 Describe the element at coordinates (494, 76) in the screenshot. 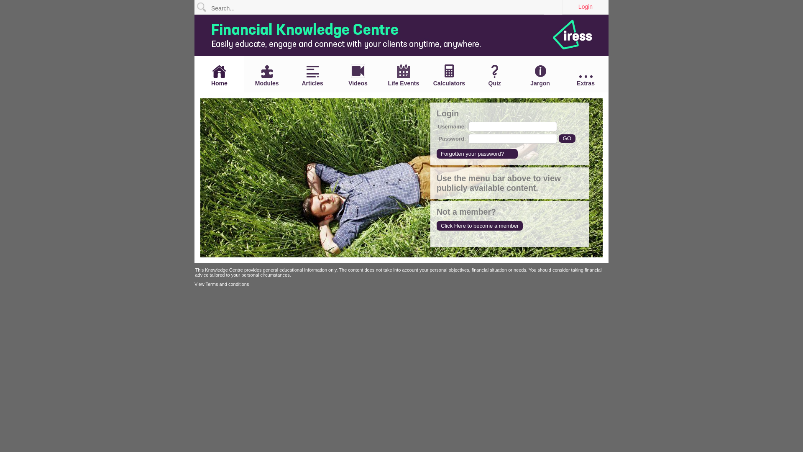

I see `'Quiz'` at that location.